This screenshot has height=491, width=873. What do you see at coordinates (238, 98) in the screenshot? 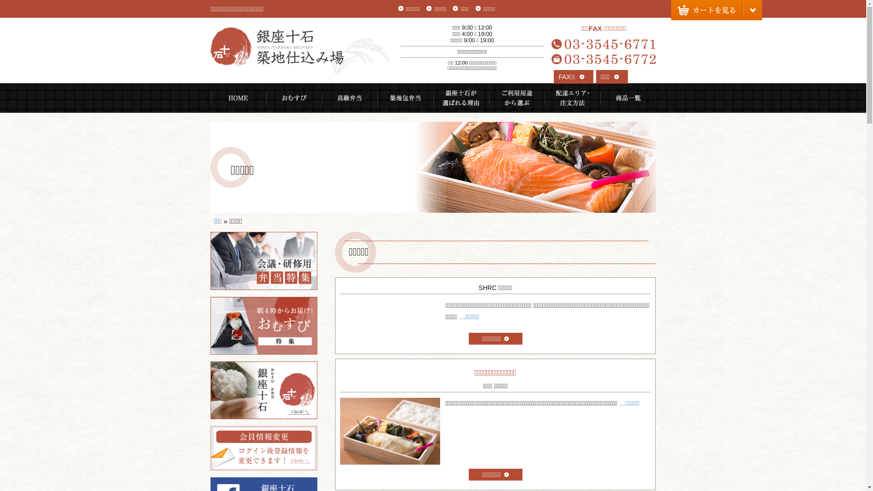
I see `'HOME'` at bounding box center [238, 98].